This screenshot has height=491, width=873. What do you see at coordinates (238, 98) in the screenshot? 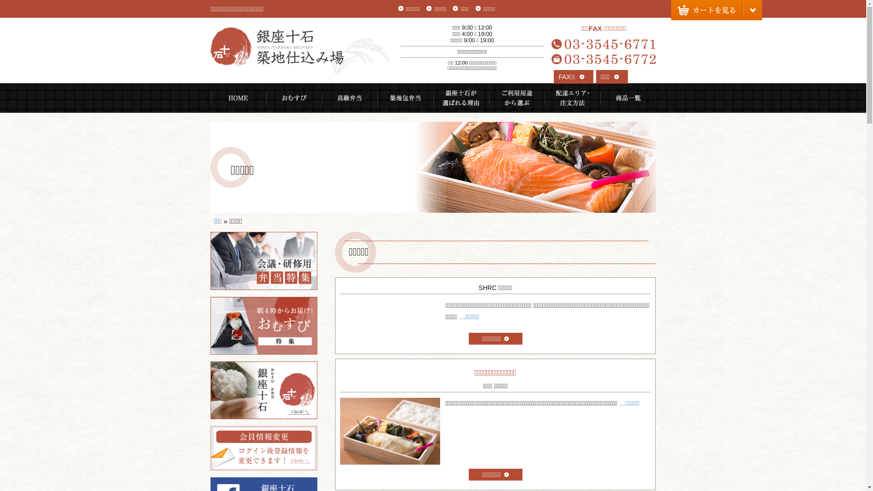
I see `'HOME'` at bounding box center [238, 98].